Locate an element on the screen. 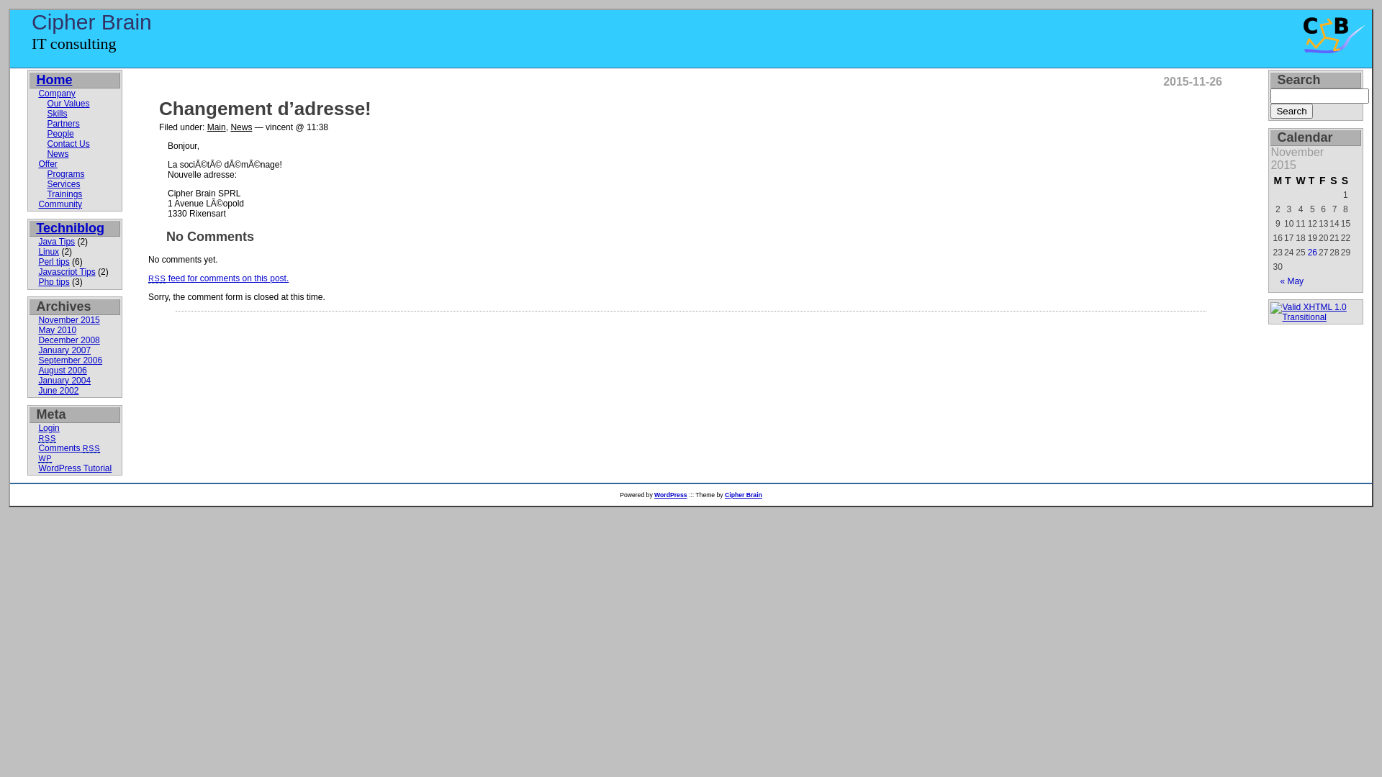  'WordPress Tutorial' is located at coordinates (74, 468).